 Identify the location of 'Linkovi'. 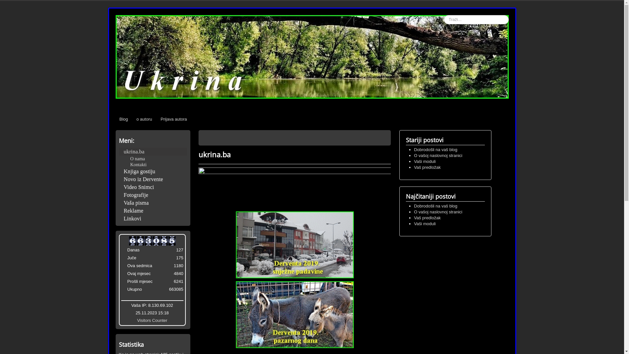
(152, 219).